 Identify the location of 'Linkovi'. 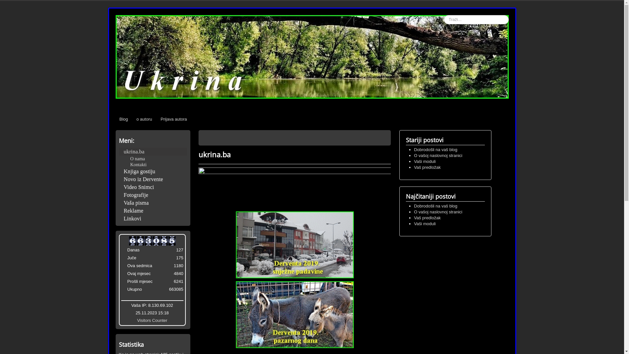
(152, 219).